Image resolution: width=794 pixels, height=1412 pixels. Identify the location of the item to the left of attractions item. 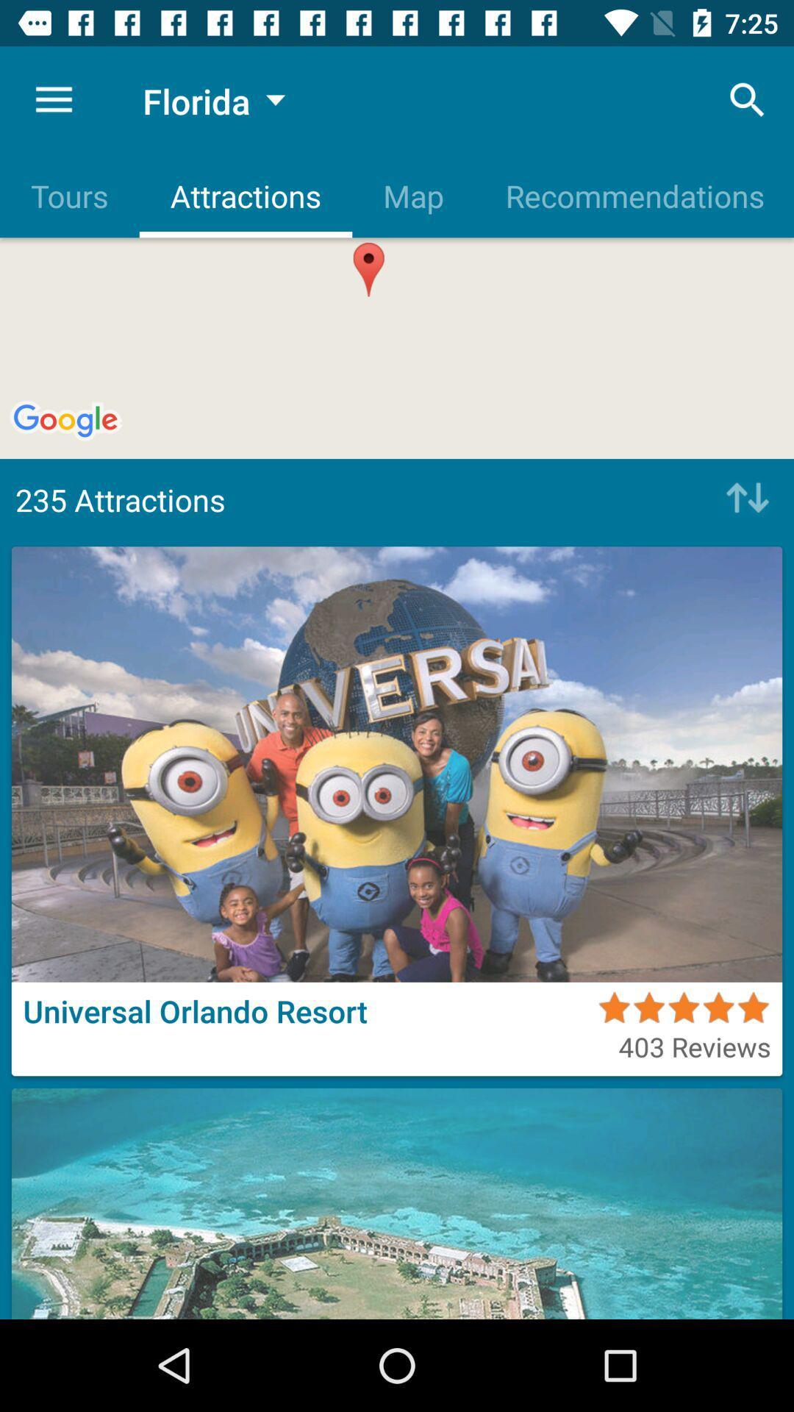
(69, 195).